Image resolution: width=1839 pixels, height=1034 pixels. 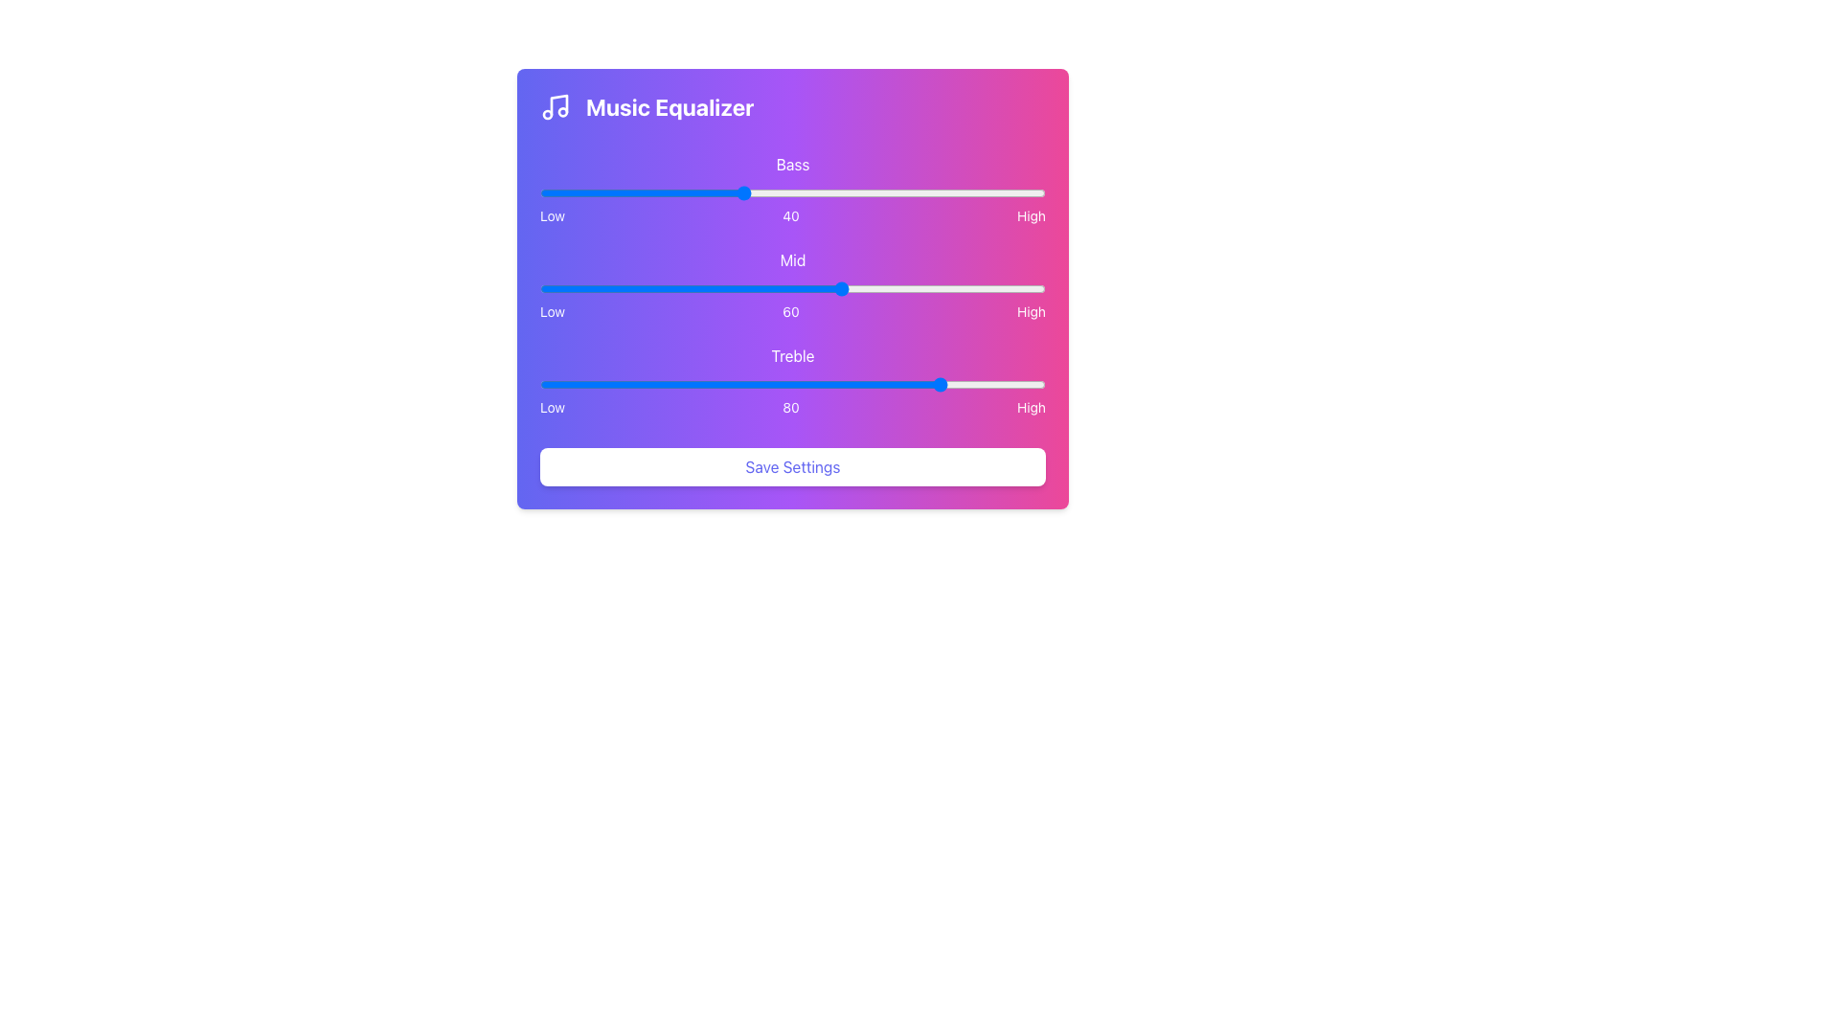 I want to click on the bass level, so click(x=721, y=192).